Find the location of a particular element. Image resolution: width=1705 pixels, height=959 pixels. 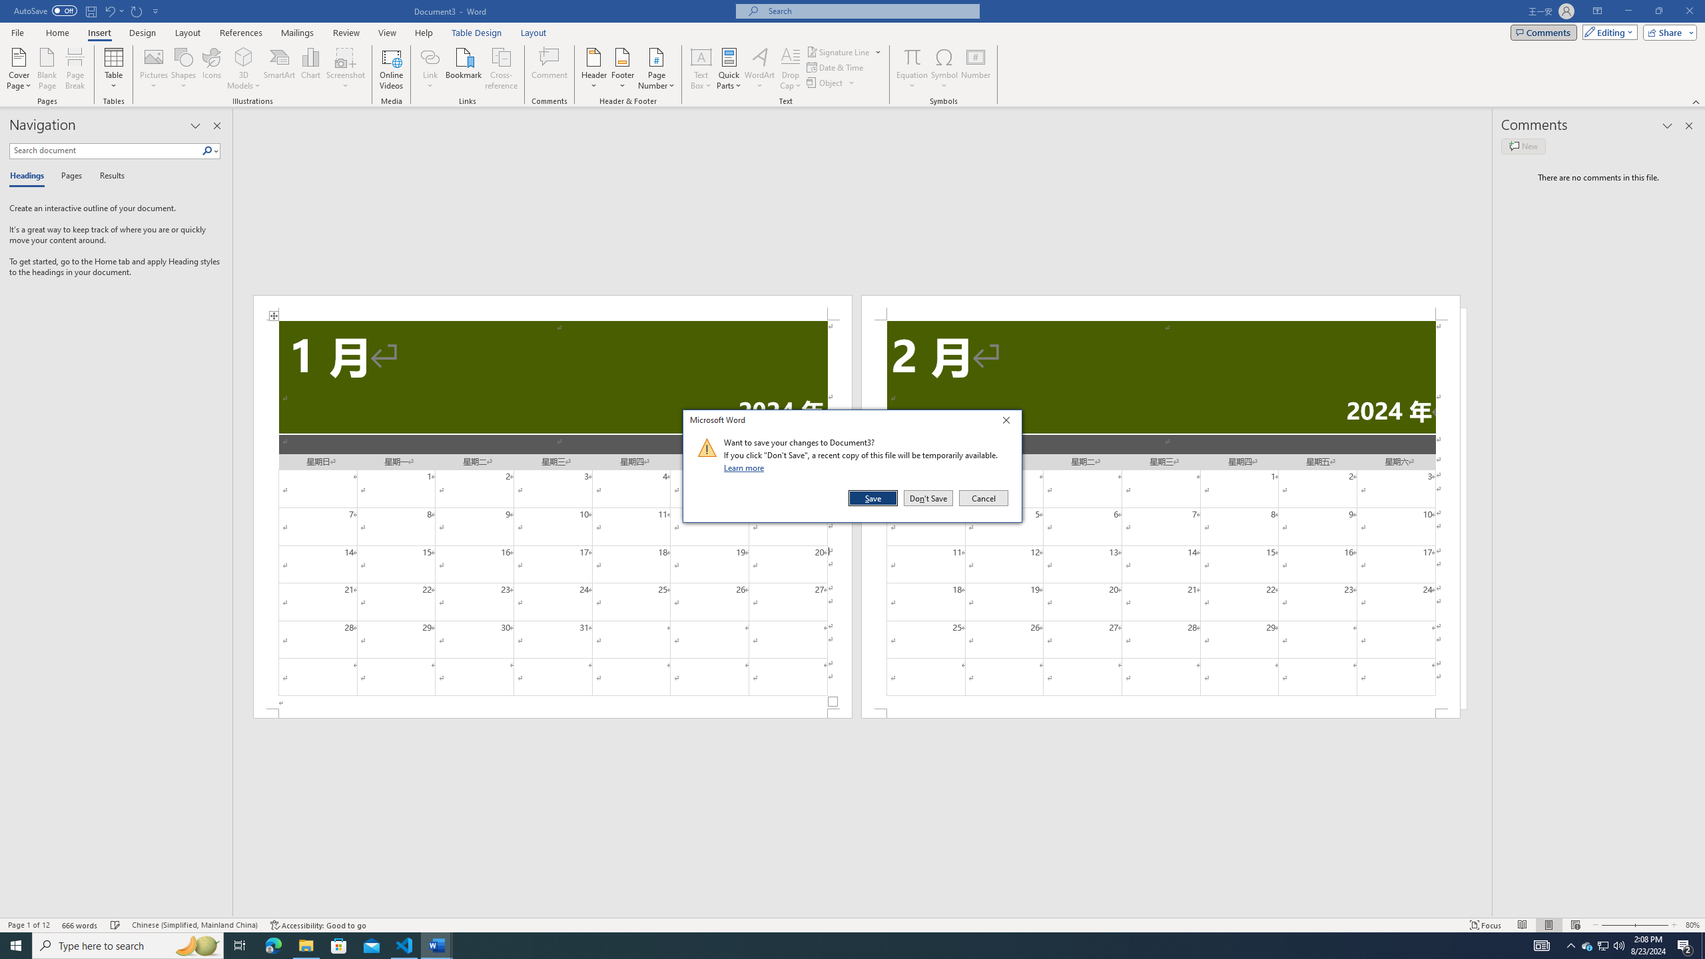

'Number...' is located at coordinates (975, 69).